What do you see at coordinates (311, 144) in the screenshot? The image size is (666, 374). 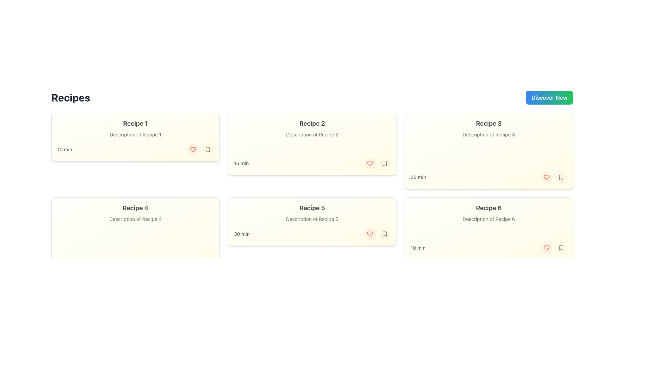 I see `the decorative background overlay of the card containing 'Recipe 2', which spans the entire card and is positioned at the topmost layer` at bounding box center [311, 144].